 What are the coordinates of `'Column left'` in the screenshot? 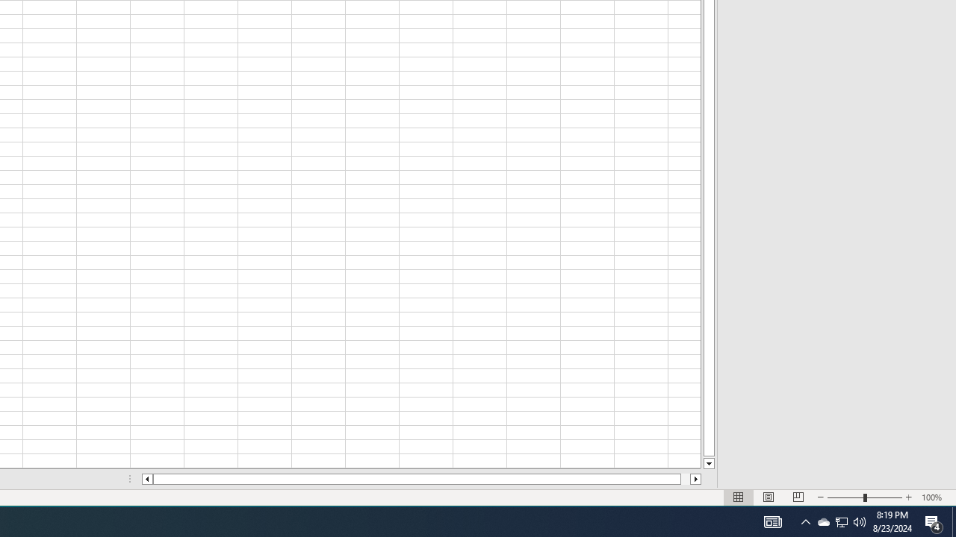 It's located at (146, 479).